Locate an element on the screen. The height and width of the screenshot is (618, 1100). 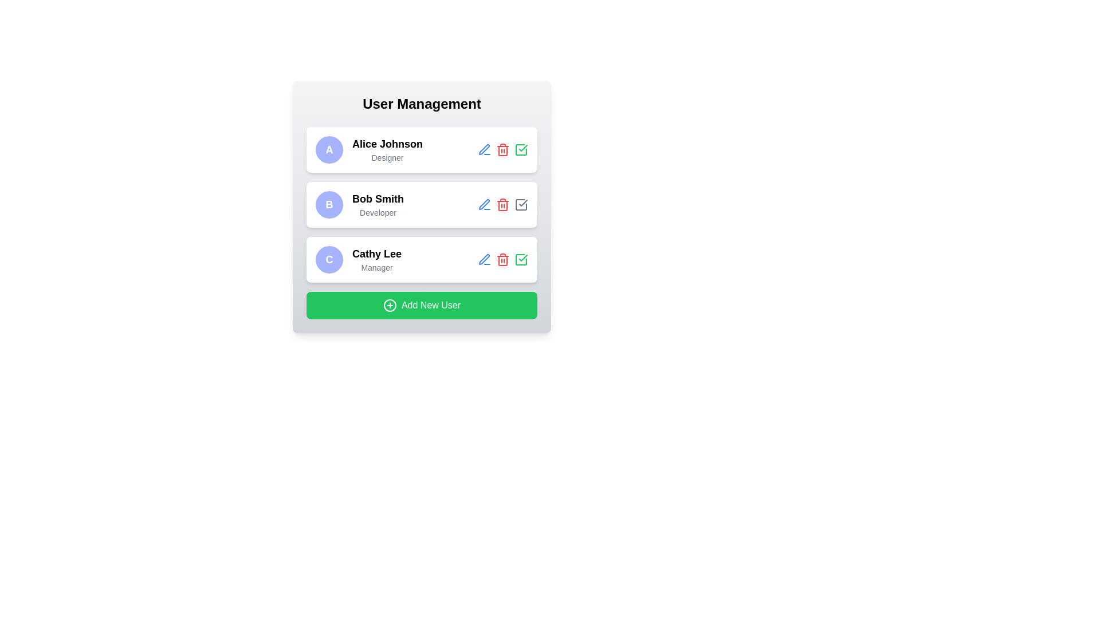
the checkmark icon located within the 'Cathy Lee, Manager' user item, which is positioned in the rightmost column of action icons is located at coordinates (522, 147).